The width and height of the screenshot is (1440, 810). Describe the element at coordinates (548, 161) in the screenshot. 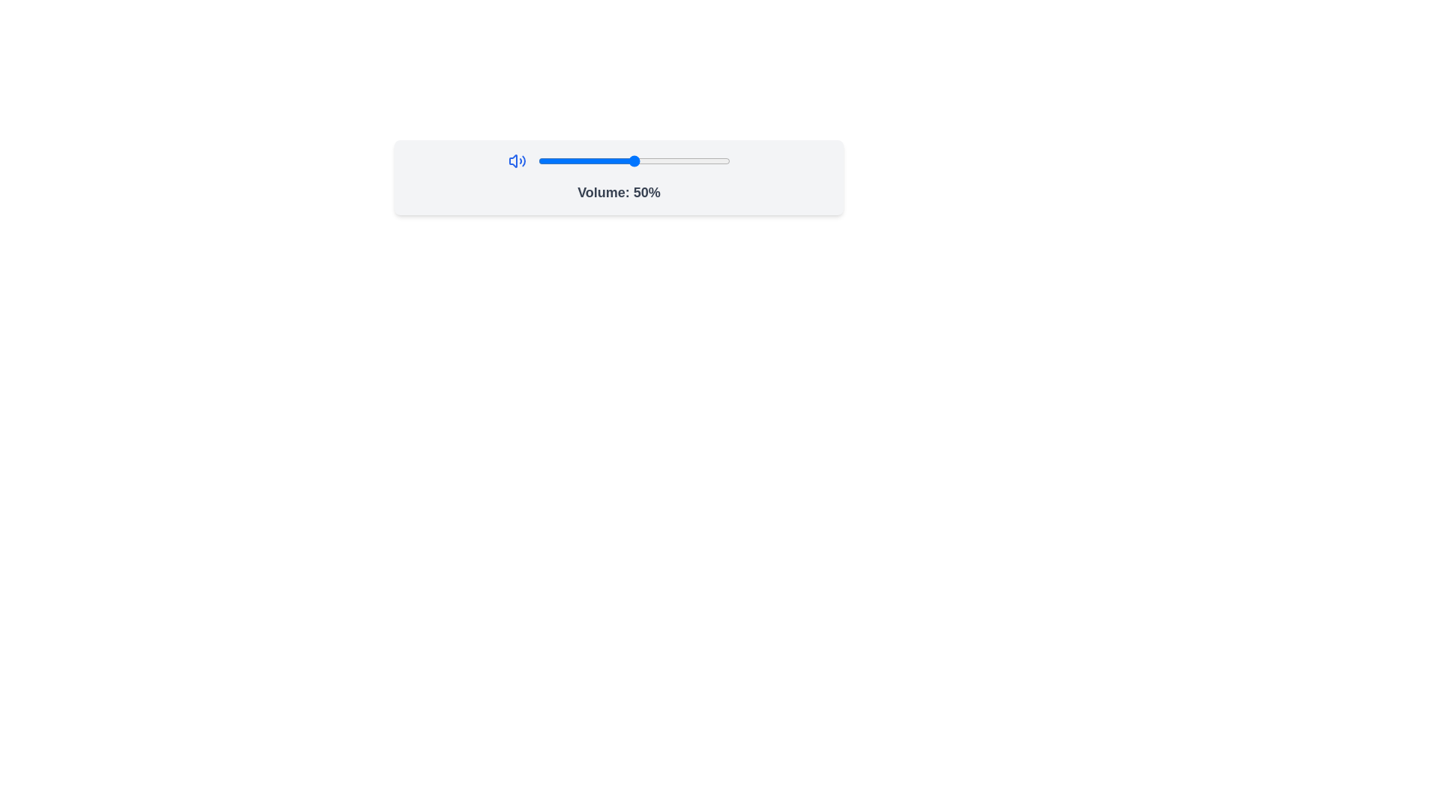

I see `the slider volume` at that location.